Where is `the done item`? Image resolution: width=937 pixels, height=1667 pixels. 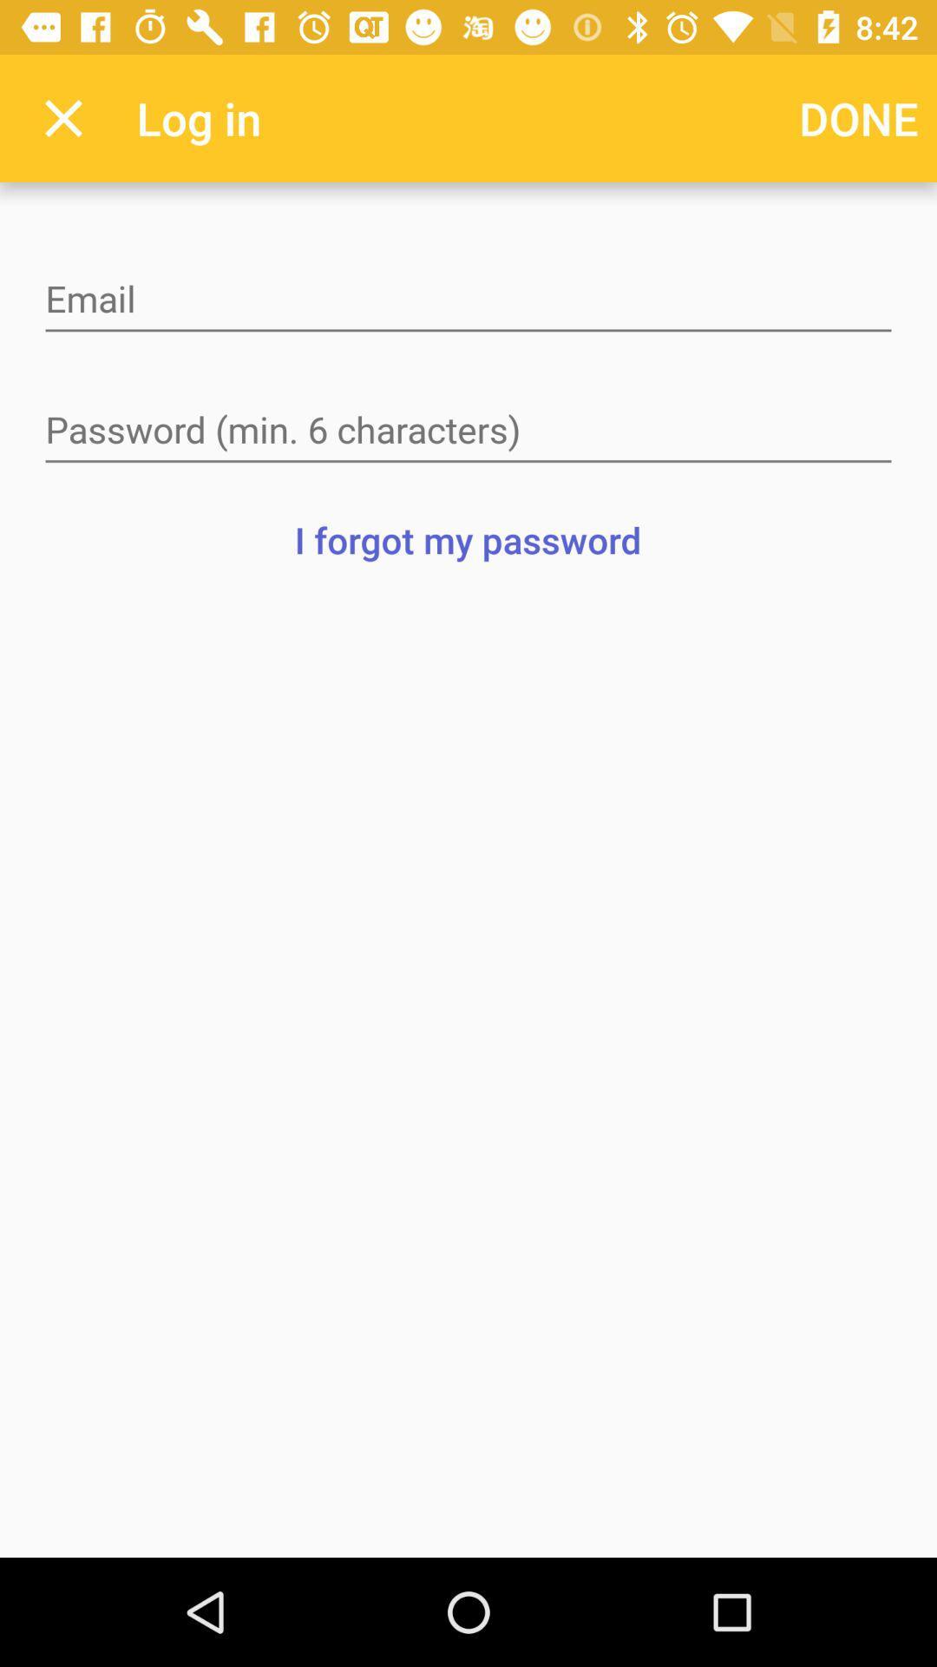
the done item is located at coordinates (859, 117).